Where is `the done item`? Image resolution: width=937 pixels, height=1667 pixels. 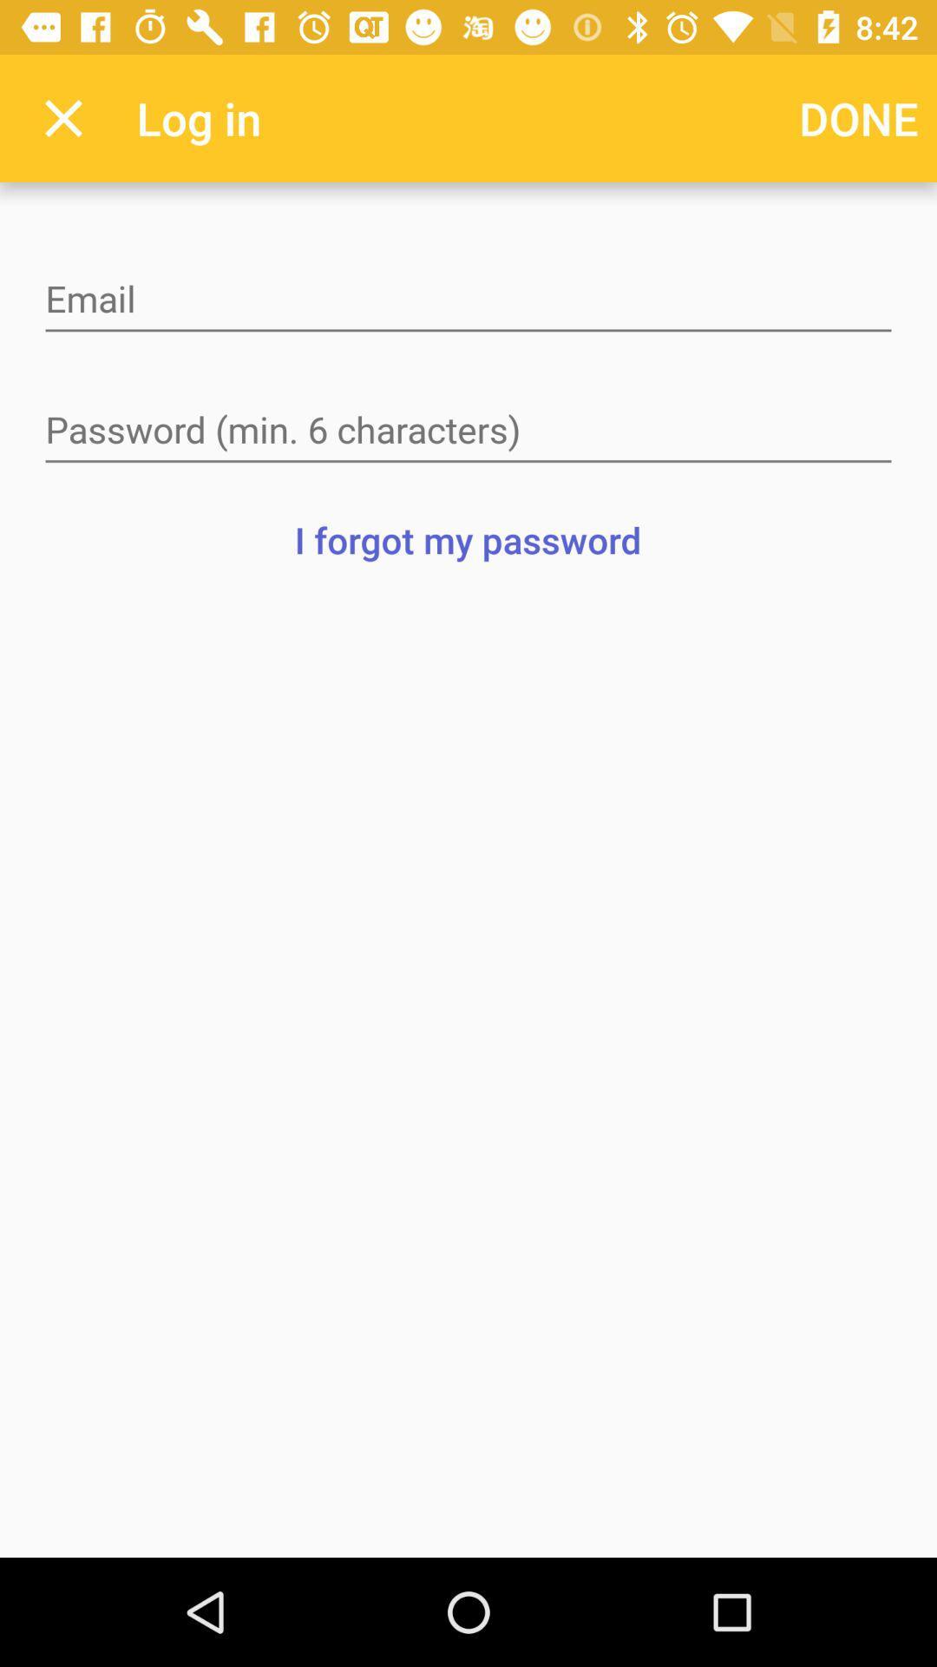
the done item is located at coordinates (859, 117).